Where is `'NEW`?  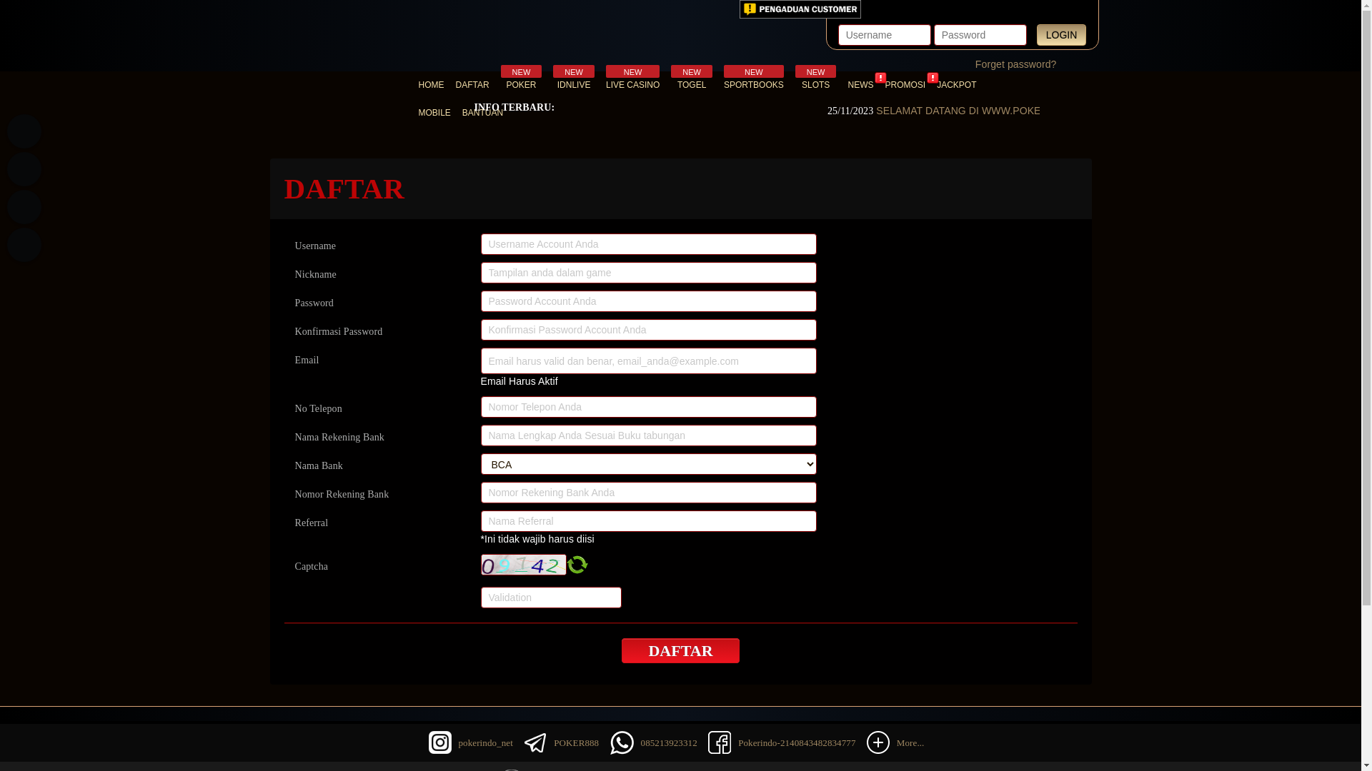 'NEW is located at coordinates (632, 85).